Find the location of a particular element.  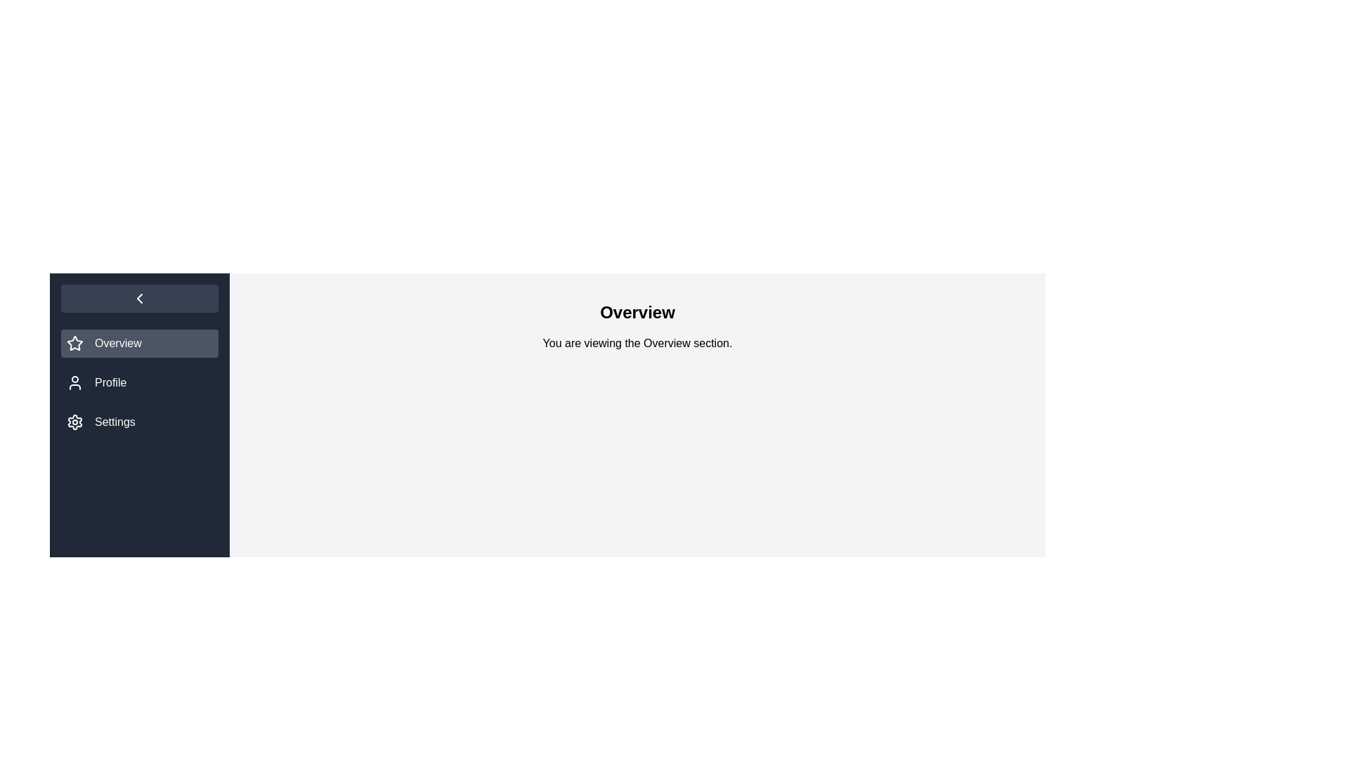

the Overview tab from the menu is located at coordinates (139, 344).